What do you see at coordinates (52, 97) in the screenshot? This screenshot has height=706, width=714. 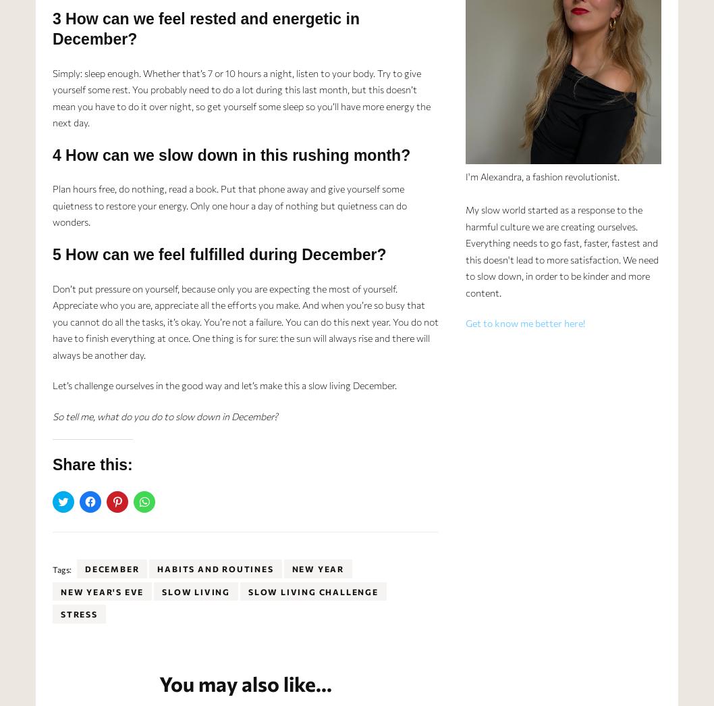 I see `'Simply: sleep enough. Whether that’s 7 or 10 hours a night, listen to your body. Try to give yourself some rest. You probably need to do a lot during this last month, but this doesn’t mean you have to do it over night, so get yourself some sleep so you’ll have more energy the next day.'` at bounding box center [52, 97].